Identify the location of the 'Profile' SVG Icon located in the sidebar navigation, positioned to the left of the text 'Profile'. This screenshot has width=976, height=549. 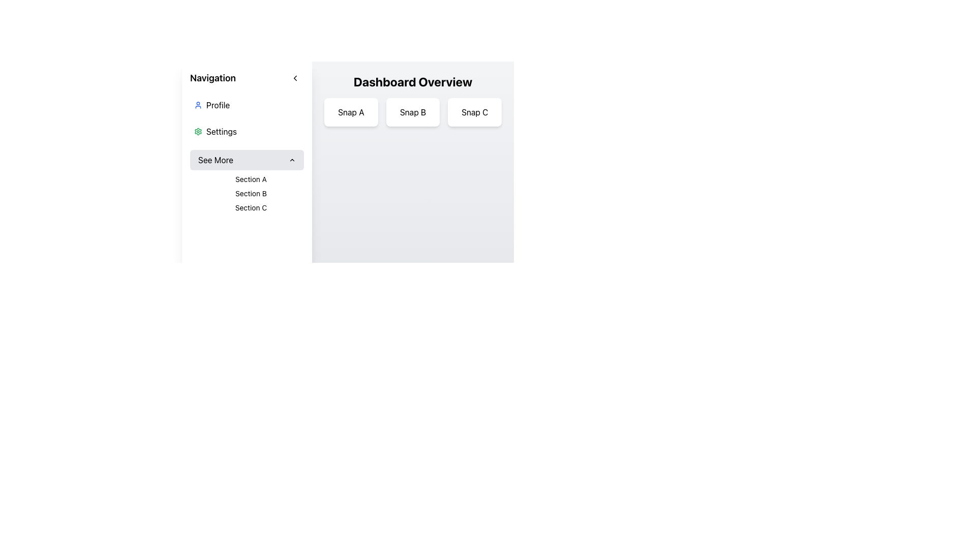
(198, 105).